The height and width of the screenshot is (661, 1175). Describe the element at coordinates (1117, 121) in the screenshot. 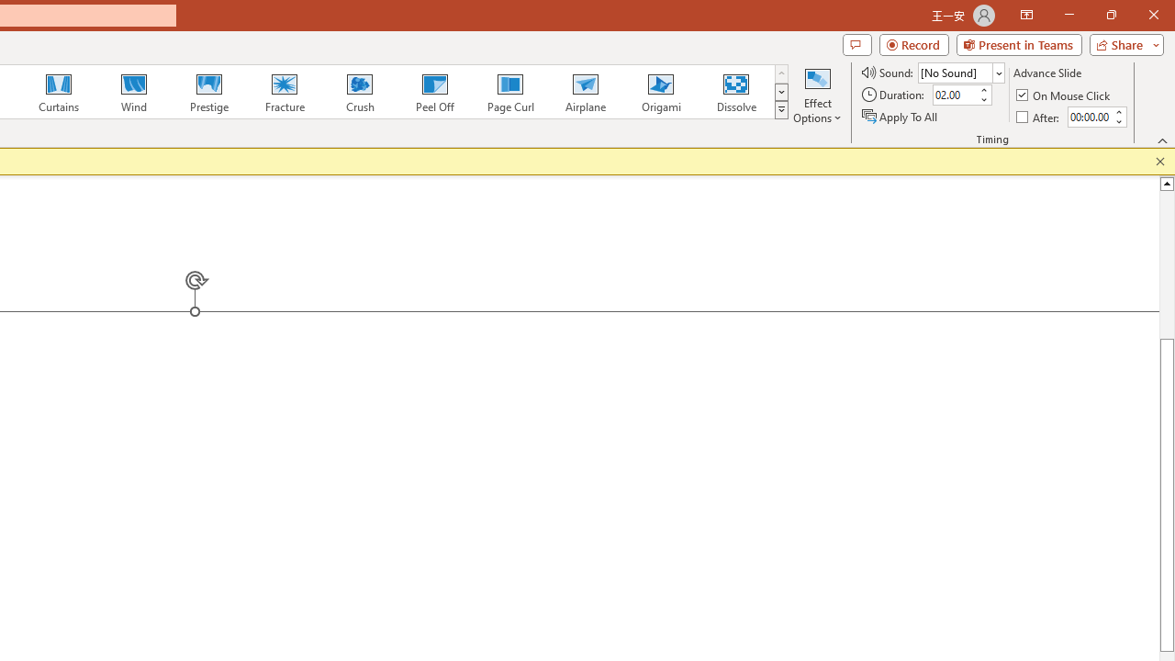

I see `'Less'` at that location.